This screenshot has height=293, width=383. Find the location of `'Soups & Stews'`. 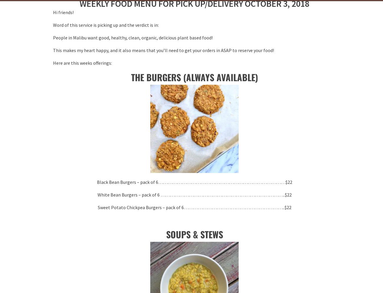

'Soups & Stews' is located at coordinates (194, 234).